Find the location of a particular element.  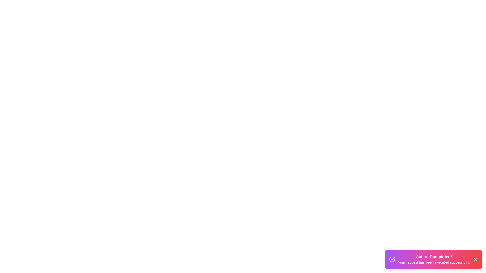

text message that states 'Your request has been executed successfully.' located in the notification box, below the title 'Action Completed!' is located at coordinates (434, 262).